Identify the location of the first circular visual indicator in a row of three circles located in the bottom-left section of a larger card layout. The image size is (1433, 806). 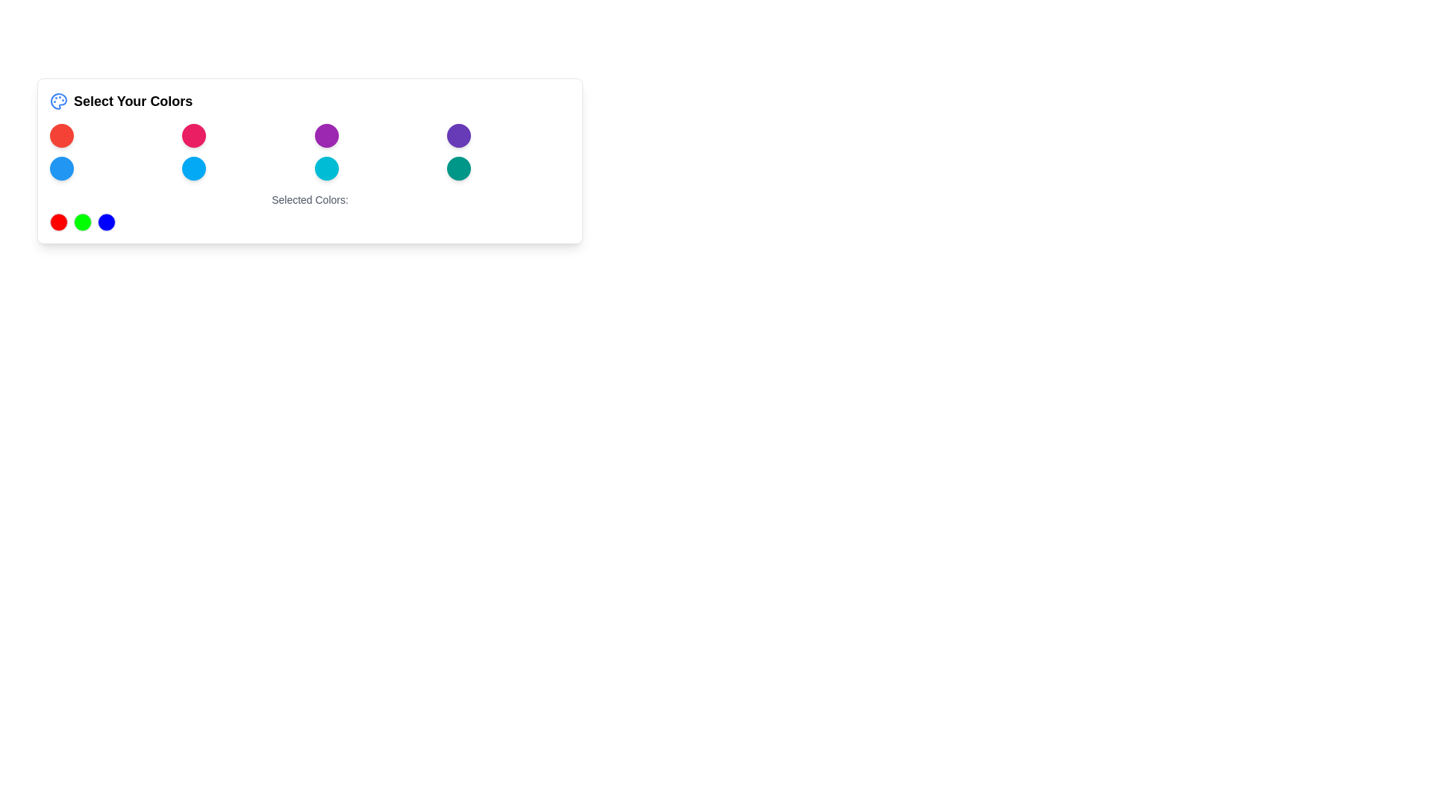
(58, 222).